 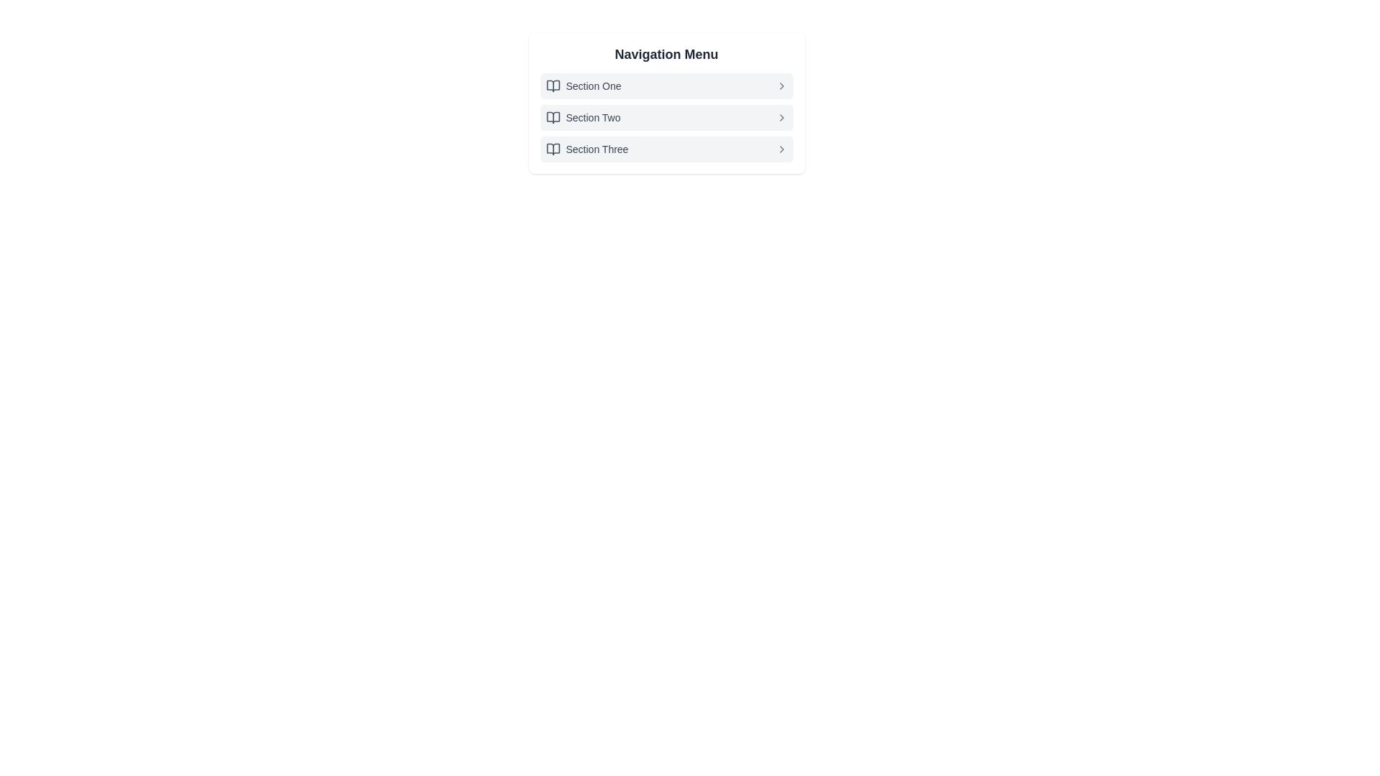 I want to click on the clickable list item labeled 'Section Two', which is the second item in the navigation menu, so click(x=666, y=117).